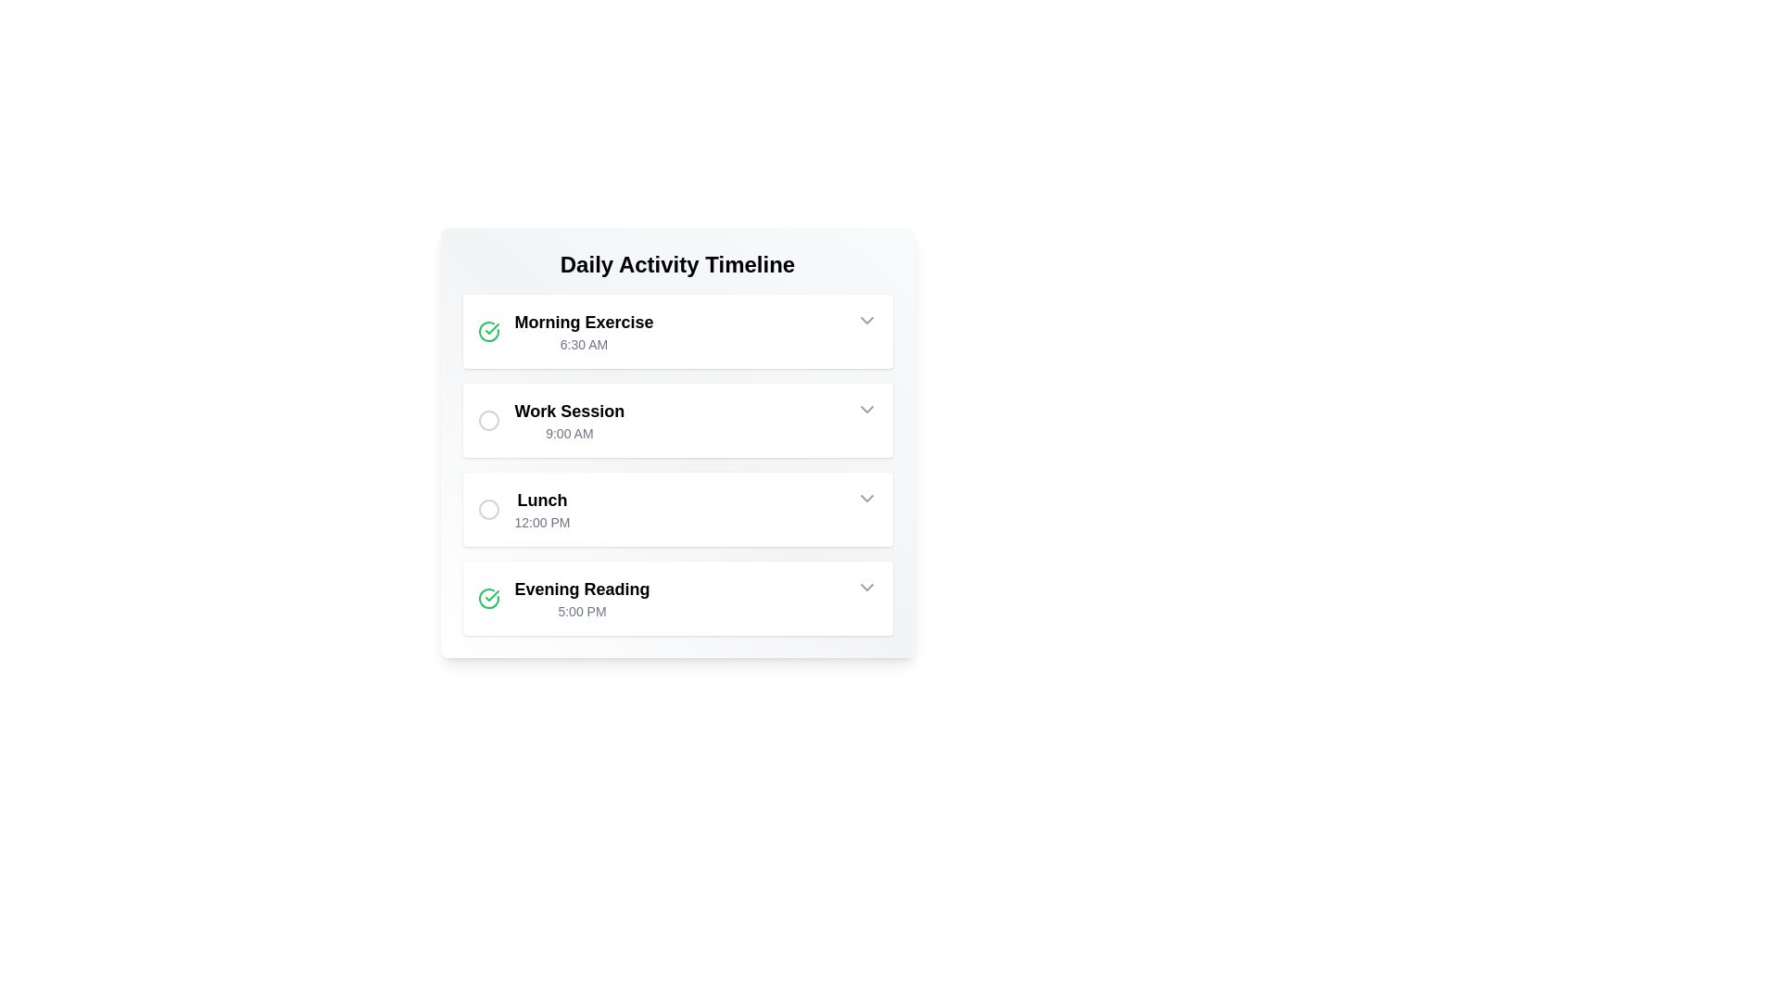  What do you see at coordinates (583, 321) in the screenshot?
I see `text from the header or title label that indicates the activity planned for the specific time slot in the vertical timeline component located in the first item of the list` at bounding box center [583, 321].